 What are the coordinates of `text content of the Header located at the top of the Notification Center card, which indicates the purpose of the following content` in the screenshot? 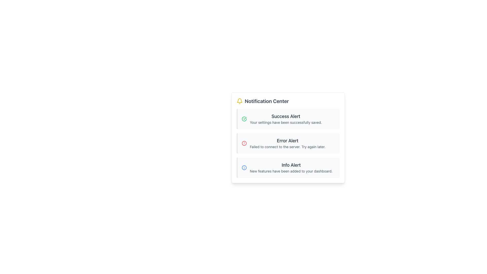 It's located at (288, 101).